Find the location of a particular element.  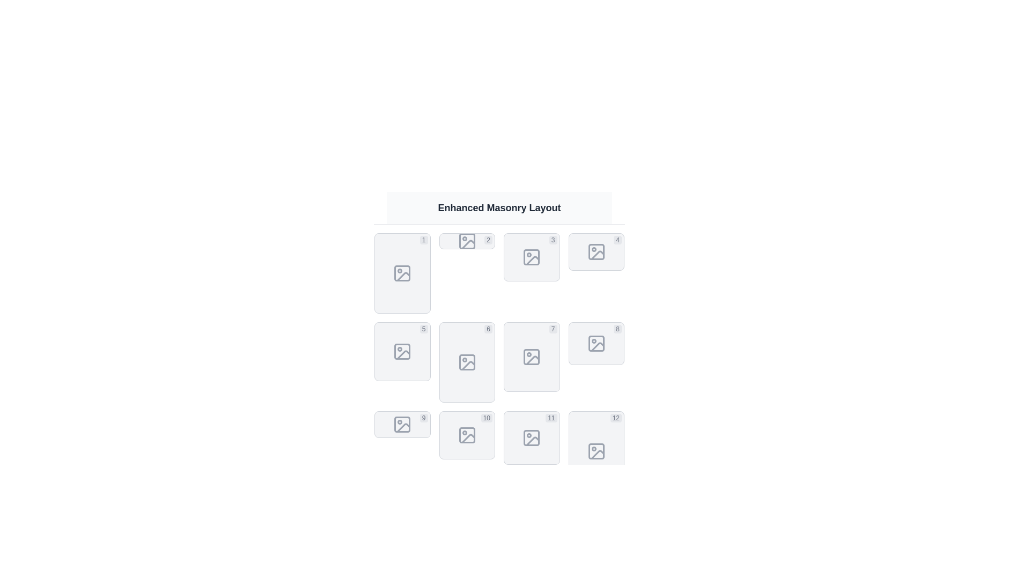

the Tile element, which is a rectangular card with a light gray background and a thin gray border, featuring an image placeholder icon at the center and a badge with the number '12' at the top-right corner is located at coordinates (595, 451).